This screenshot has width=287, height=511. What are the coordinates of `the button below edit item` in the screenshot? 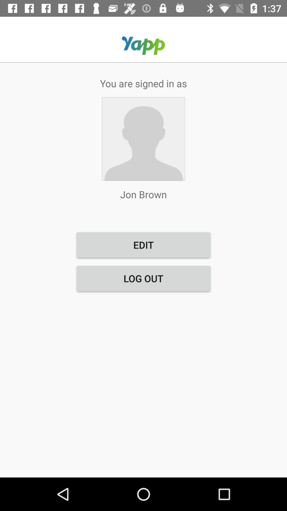 It's located at (143, 278).